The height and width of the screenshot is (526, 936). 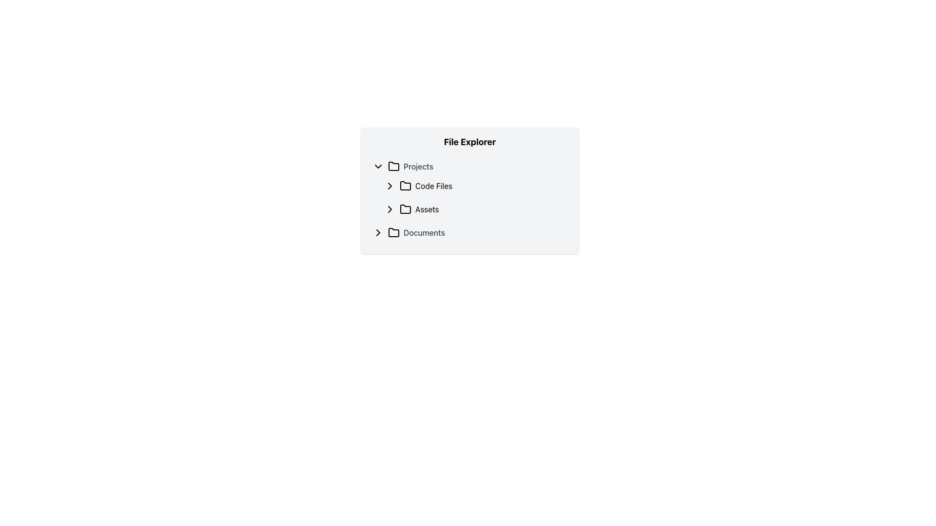 What do you see at coordinates (424, 233) in the screenshot?
I see `the 'Documents' text label, which is styled in medium gray and aligned to the right of a folder icon` at bounding box center [424, 233].